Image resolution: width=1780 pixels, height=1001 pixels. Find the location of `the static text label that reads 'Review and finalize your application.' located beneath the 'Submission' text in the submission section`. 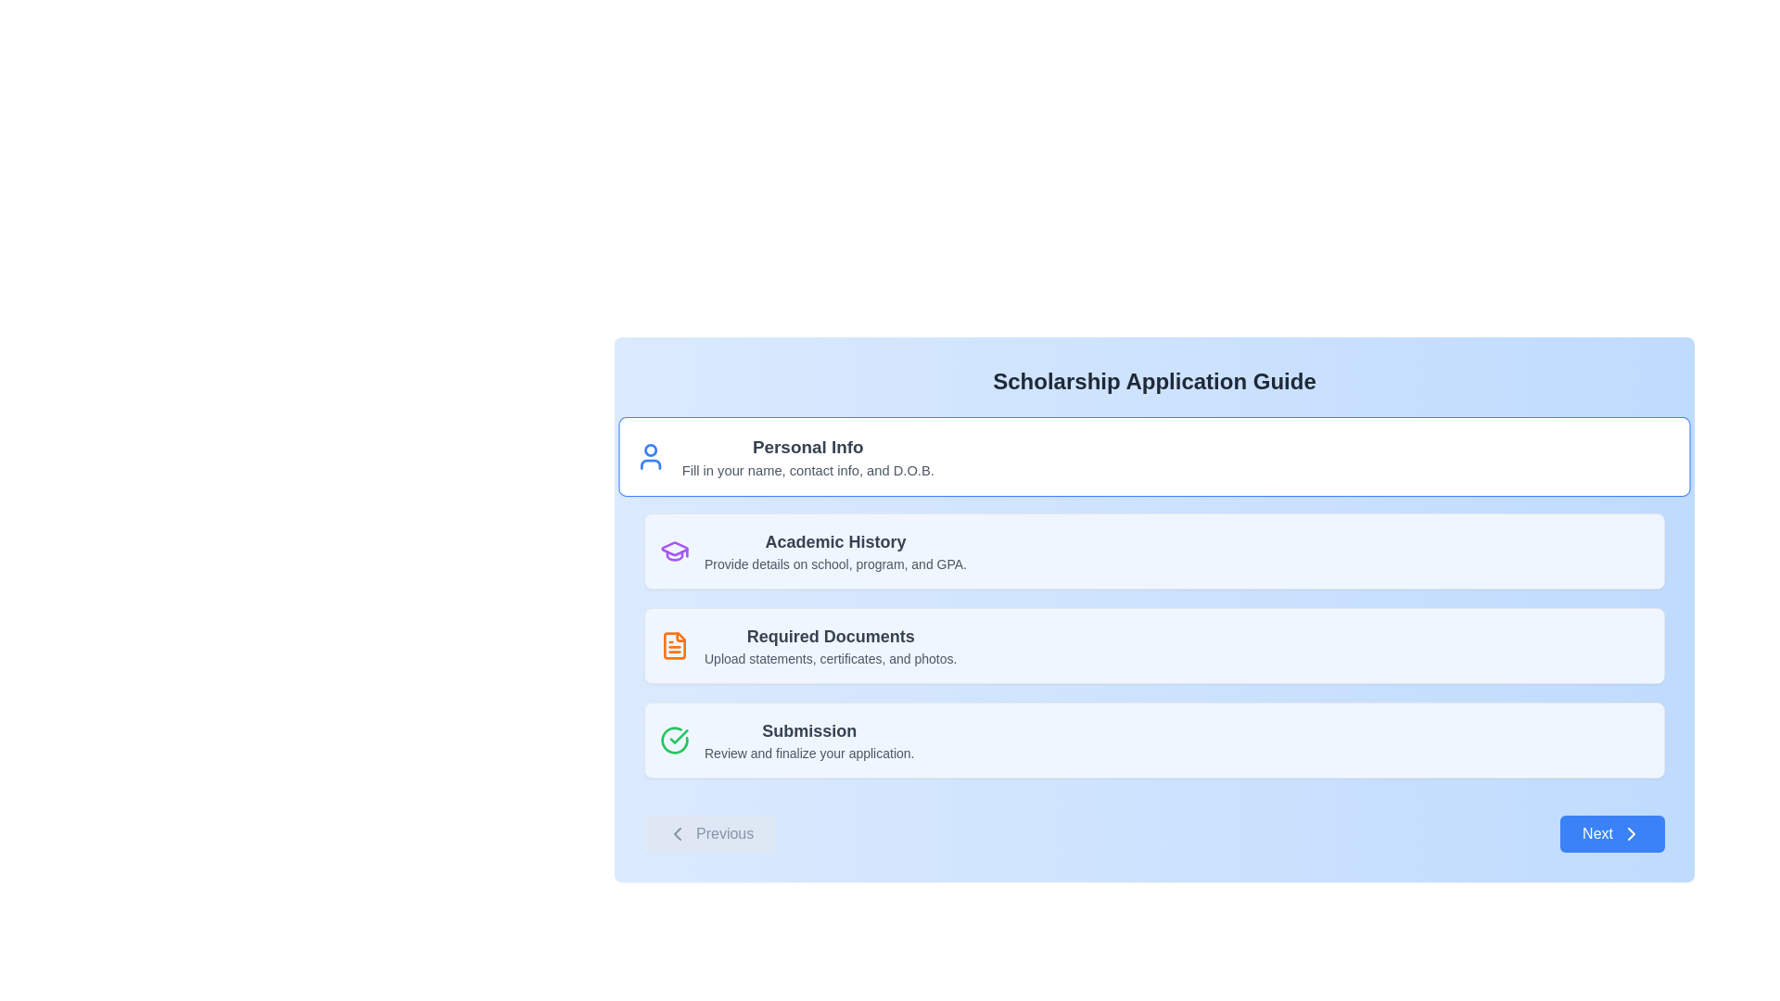

the static text label that reads 'Review and finalize your application.' located beneath the 'Submission' text in the submission section is located at coordinates (809, 754).